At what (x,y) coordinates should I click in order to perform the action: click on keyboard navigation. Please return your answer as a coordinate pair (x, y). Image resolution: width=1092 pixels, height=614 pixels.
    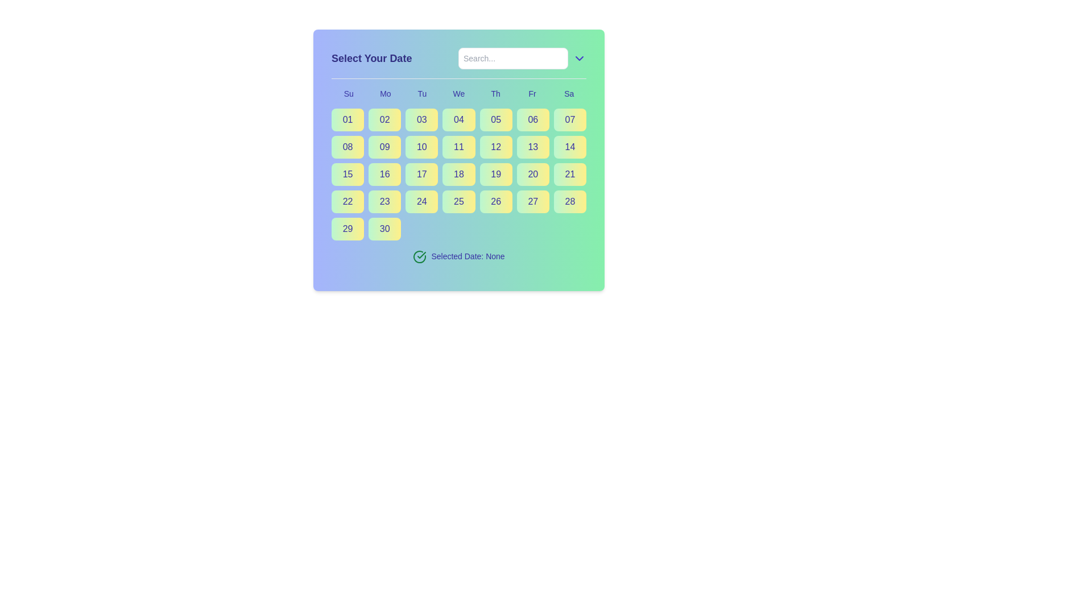
    Looking at the image, I should click on (496, 201).